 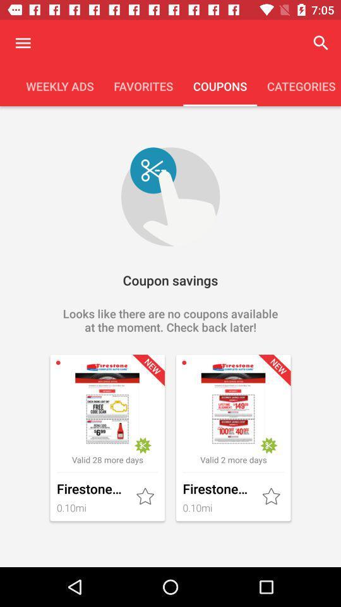 What do you see at coordinates (272, 497) in the screenshot?
I see `this as a favorite` at bounding box center [272, 497].